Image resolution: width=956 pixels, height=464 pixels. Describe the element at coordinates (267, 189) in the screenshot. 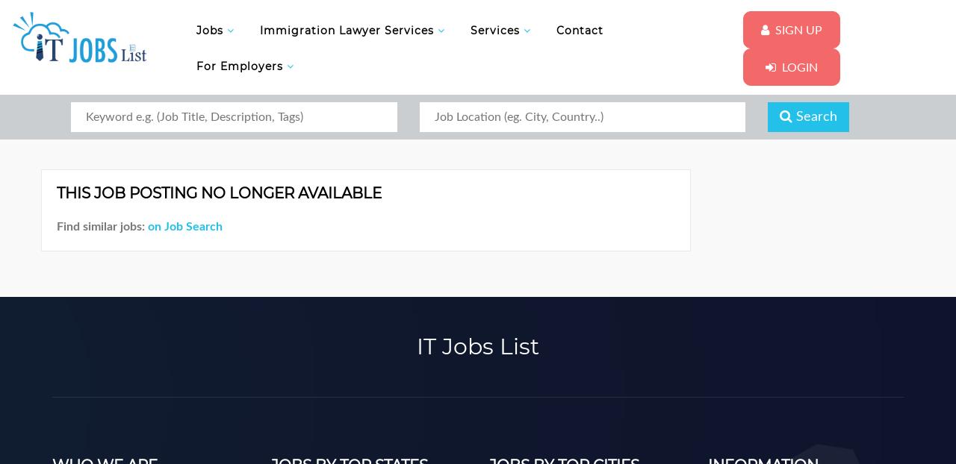

I see `'H1b Transfer'` at that location.